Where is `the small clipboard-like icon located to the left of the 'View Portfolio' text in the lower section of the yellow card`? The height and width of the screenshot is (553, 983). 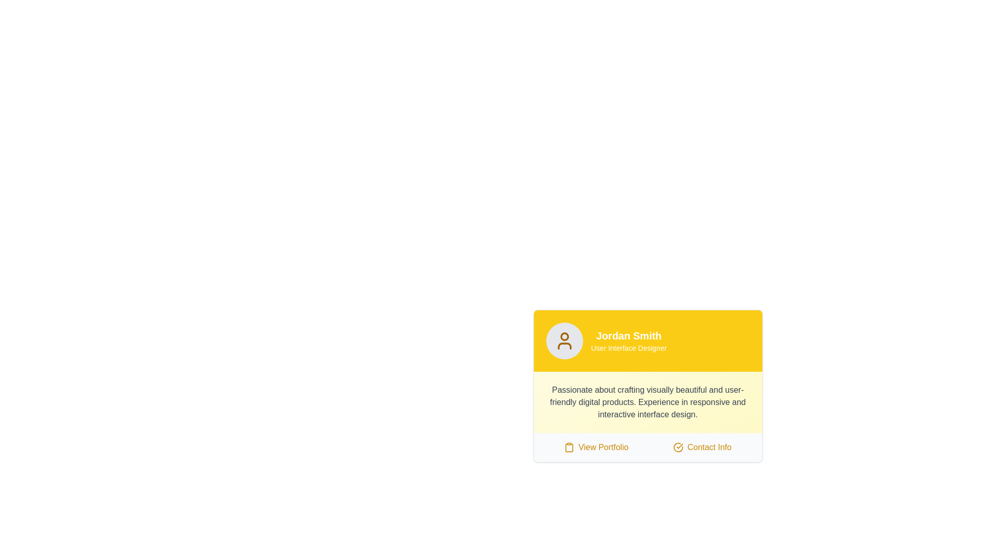
the small clipboard-like icon located to the left of the 'View Portfolio' text in the lower section of the yellow card is located at coordinates (569, 447).